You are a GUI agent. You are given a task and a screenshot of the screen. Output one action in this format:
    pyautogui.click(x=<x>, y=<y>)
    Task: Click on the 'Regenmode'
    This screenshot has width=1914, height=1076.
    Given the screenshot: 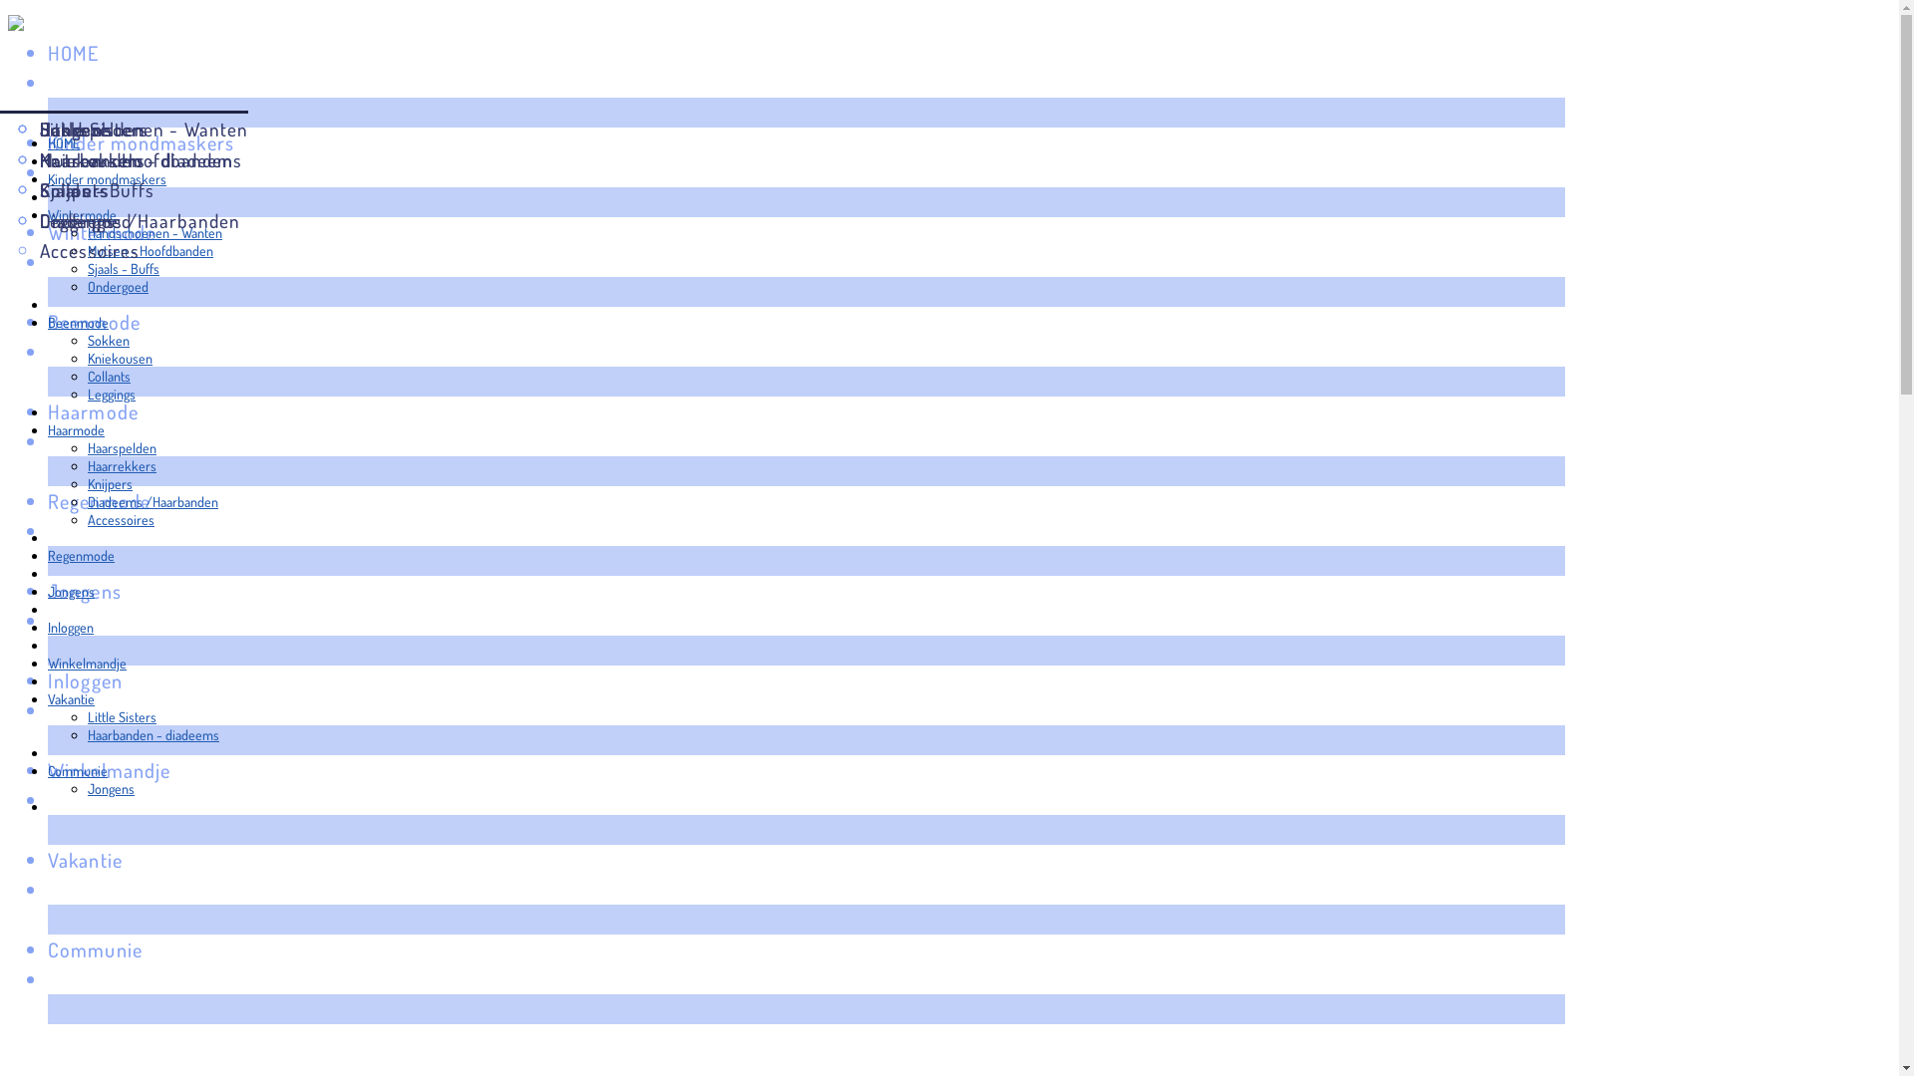 What is the action you would take?
    pyautogui.click(x=48, y=555)
    